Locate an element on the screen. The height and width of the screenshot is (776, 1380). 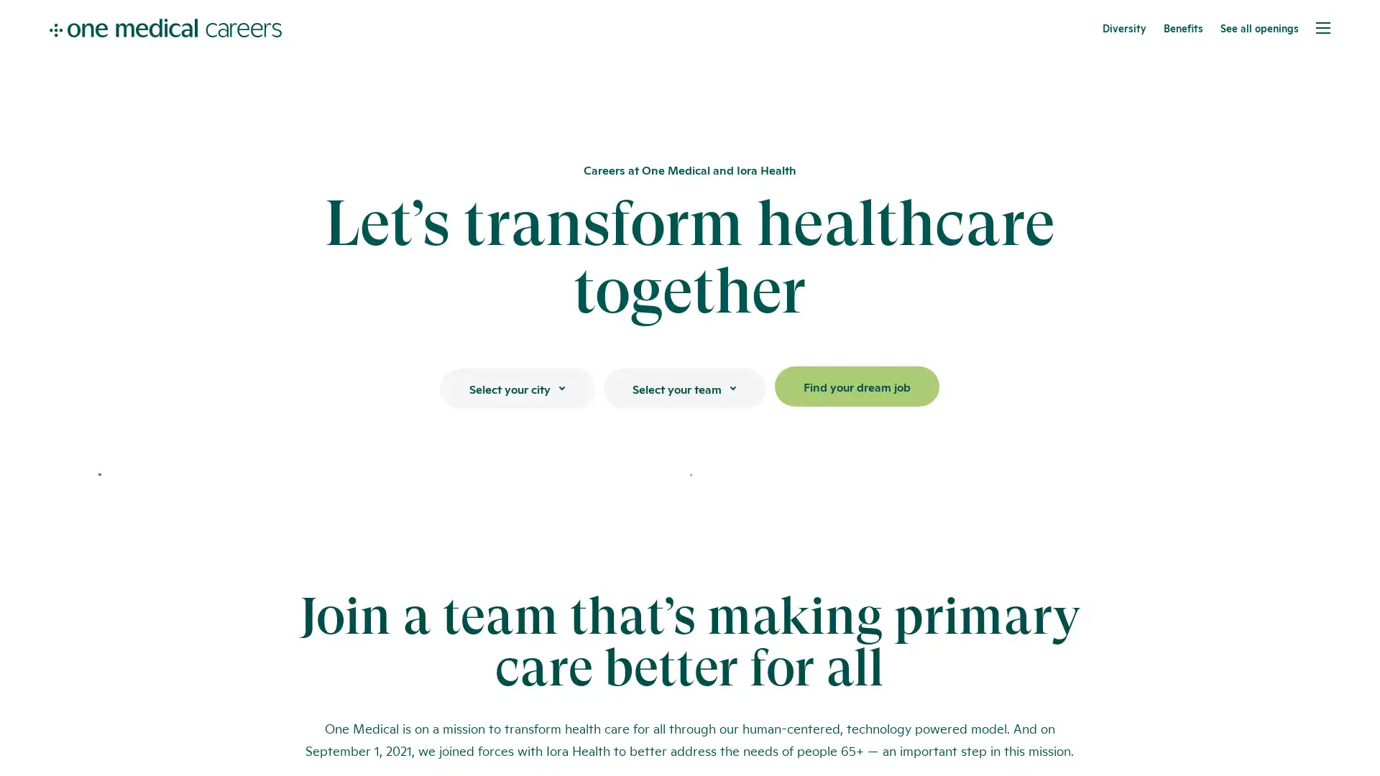
Open Menu is located at coordinates (1322, 27).